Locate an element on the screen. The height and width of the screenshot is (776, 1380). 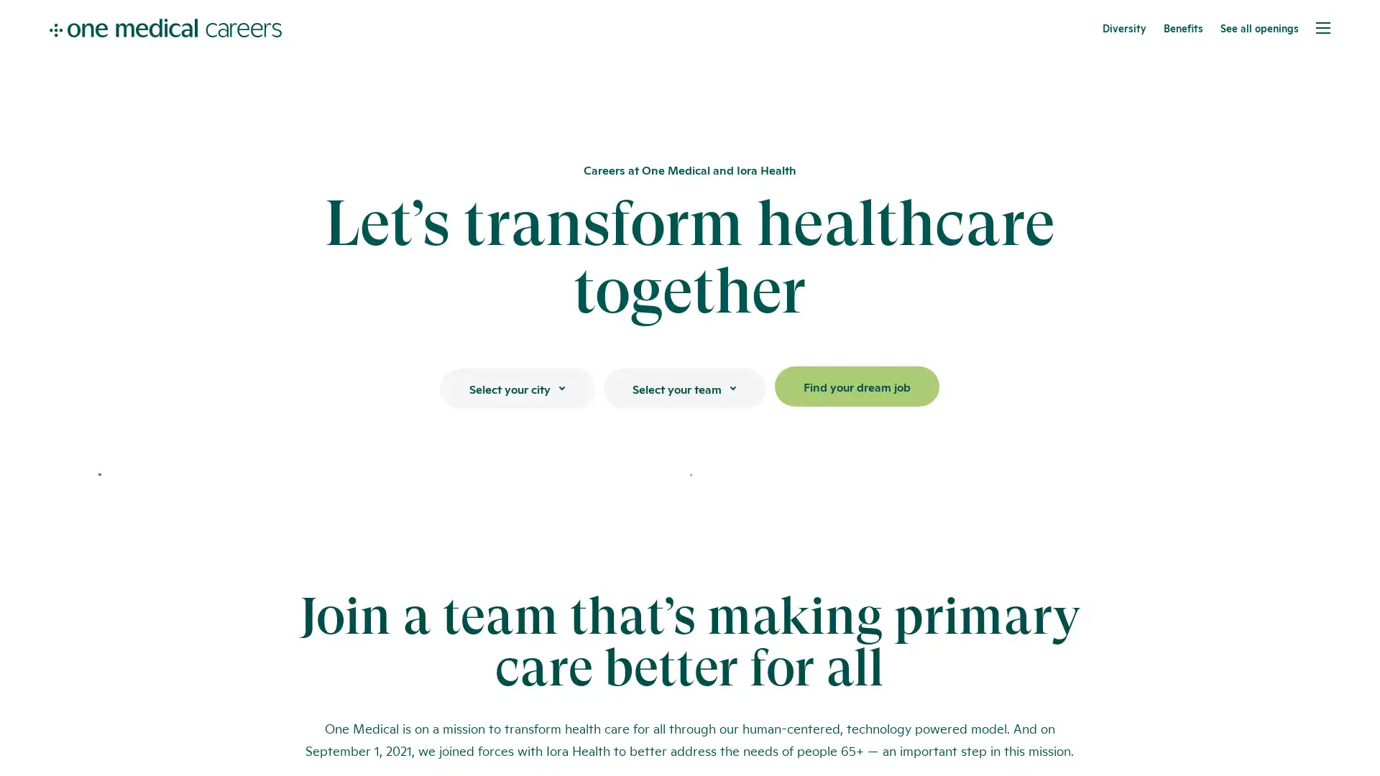
Open Menu is located at coordinates (1322, 27).